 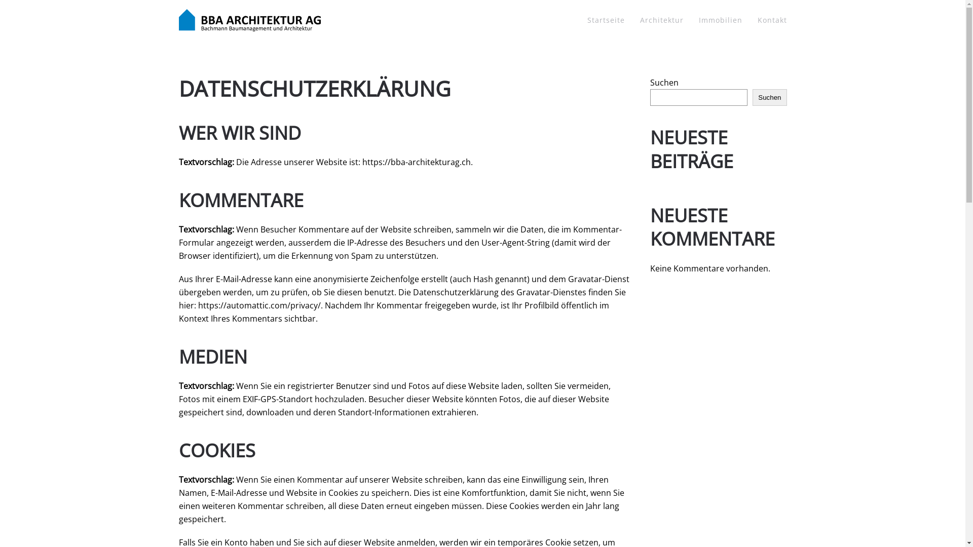 What do you see at coordinates (719, 20) in the screenshot?
I see `'Immobilien'` at bounding box center [719, 20].